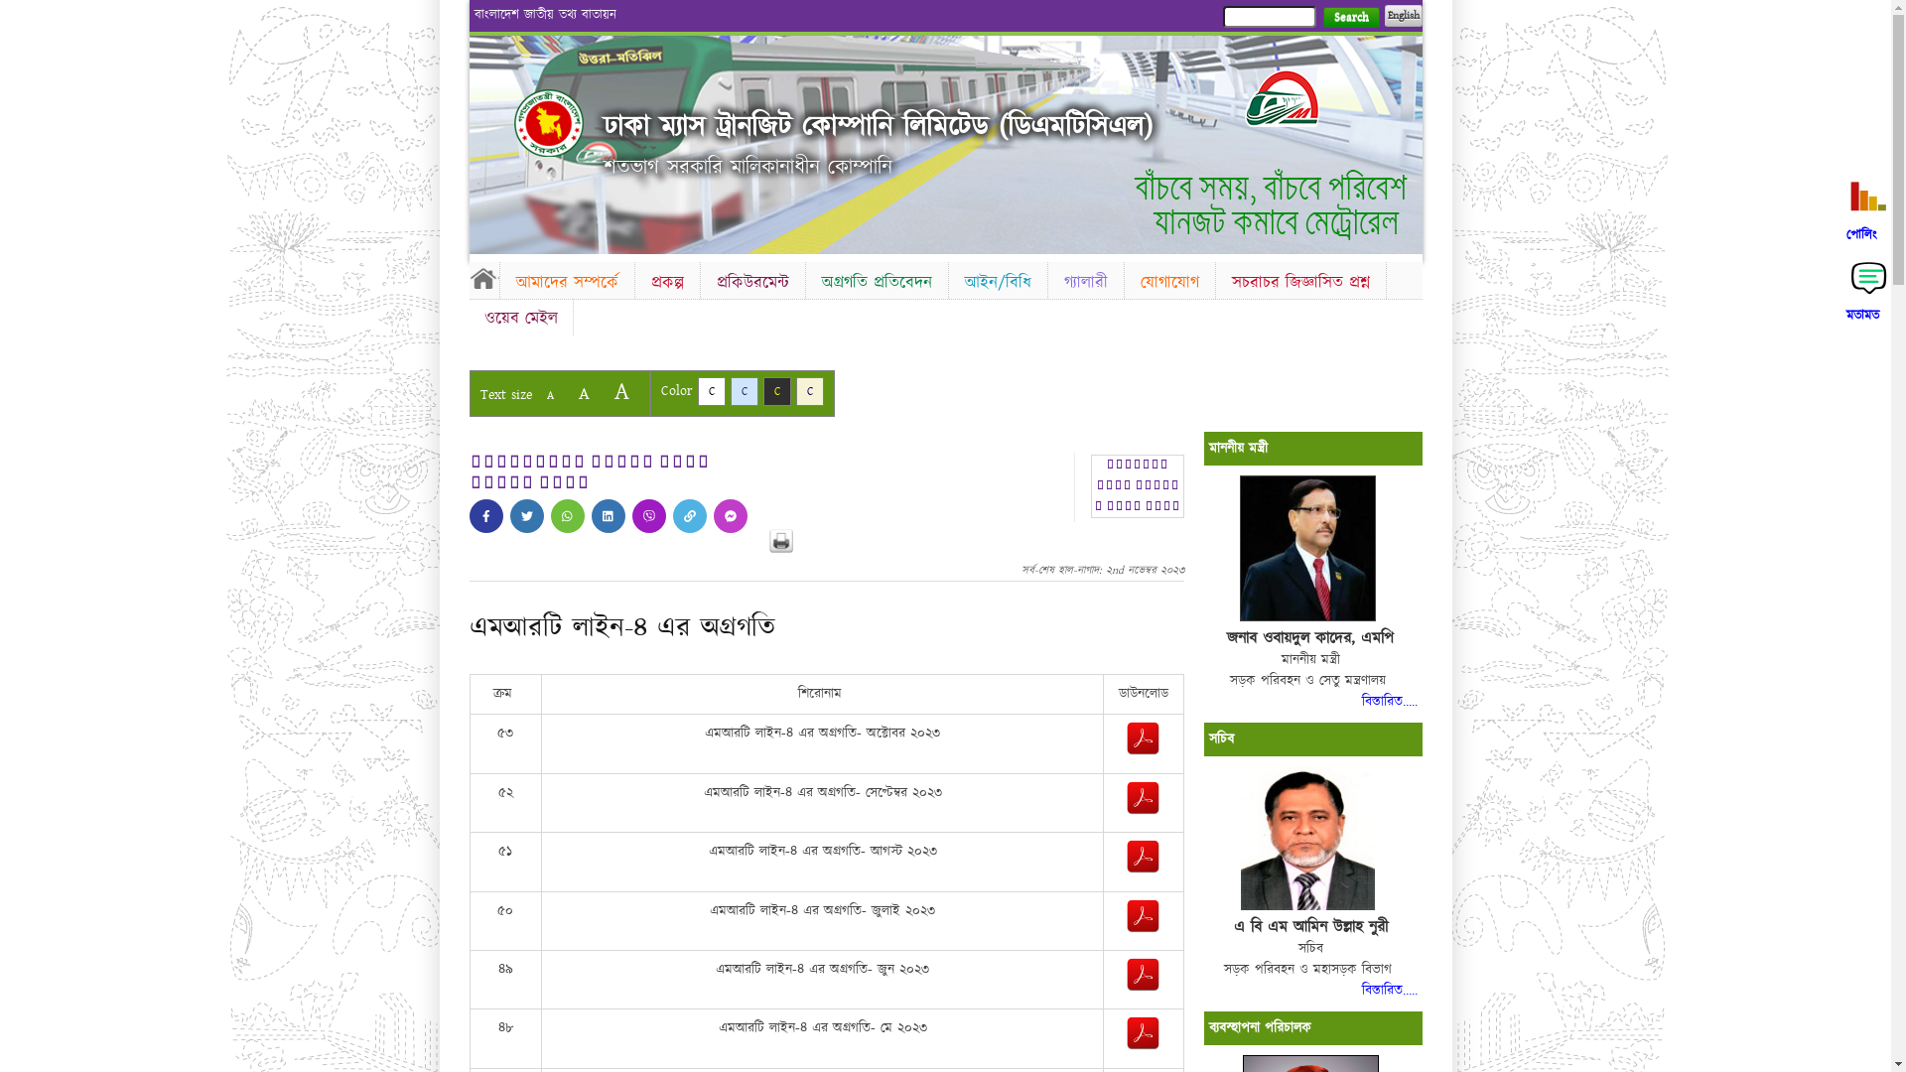 This screenshot has width=1906, height=1072. I want to click on 'A', so click(603, 391).